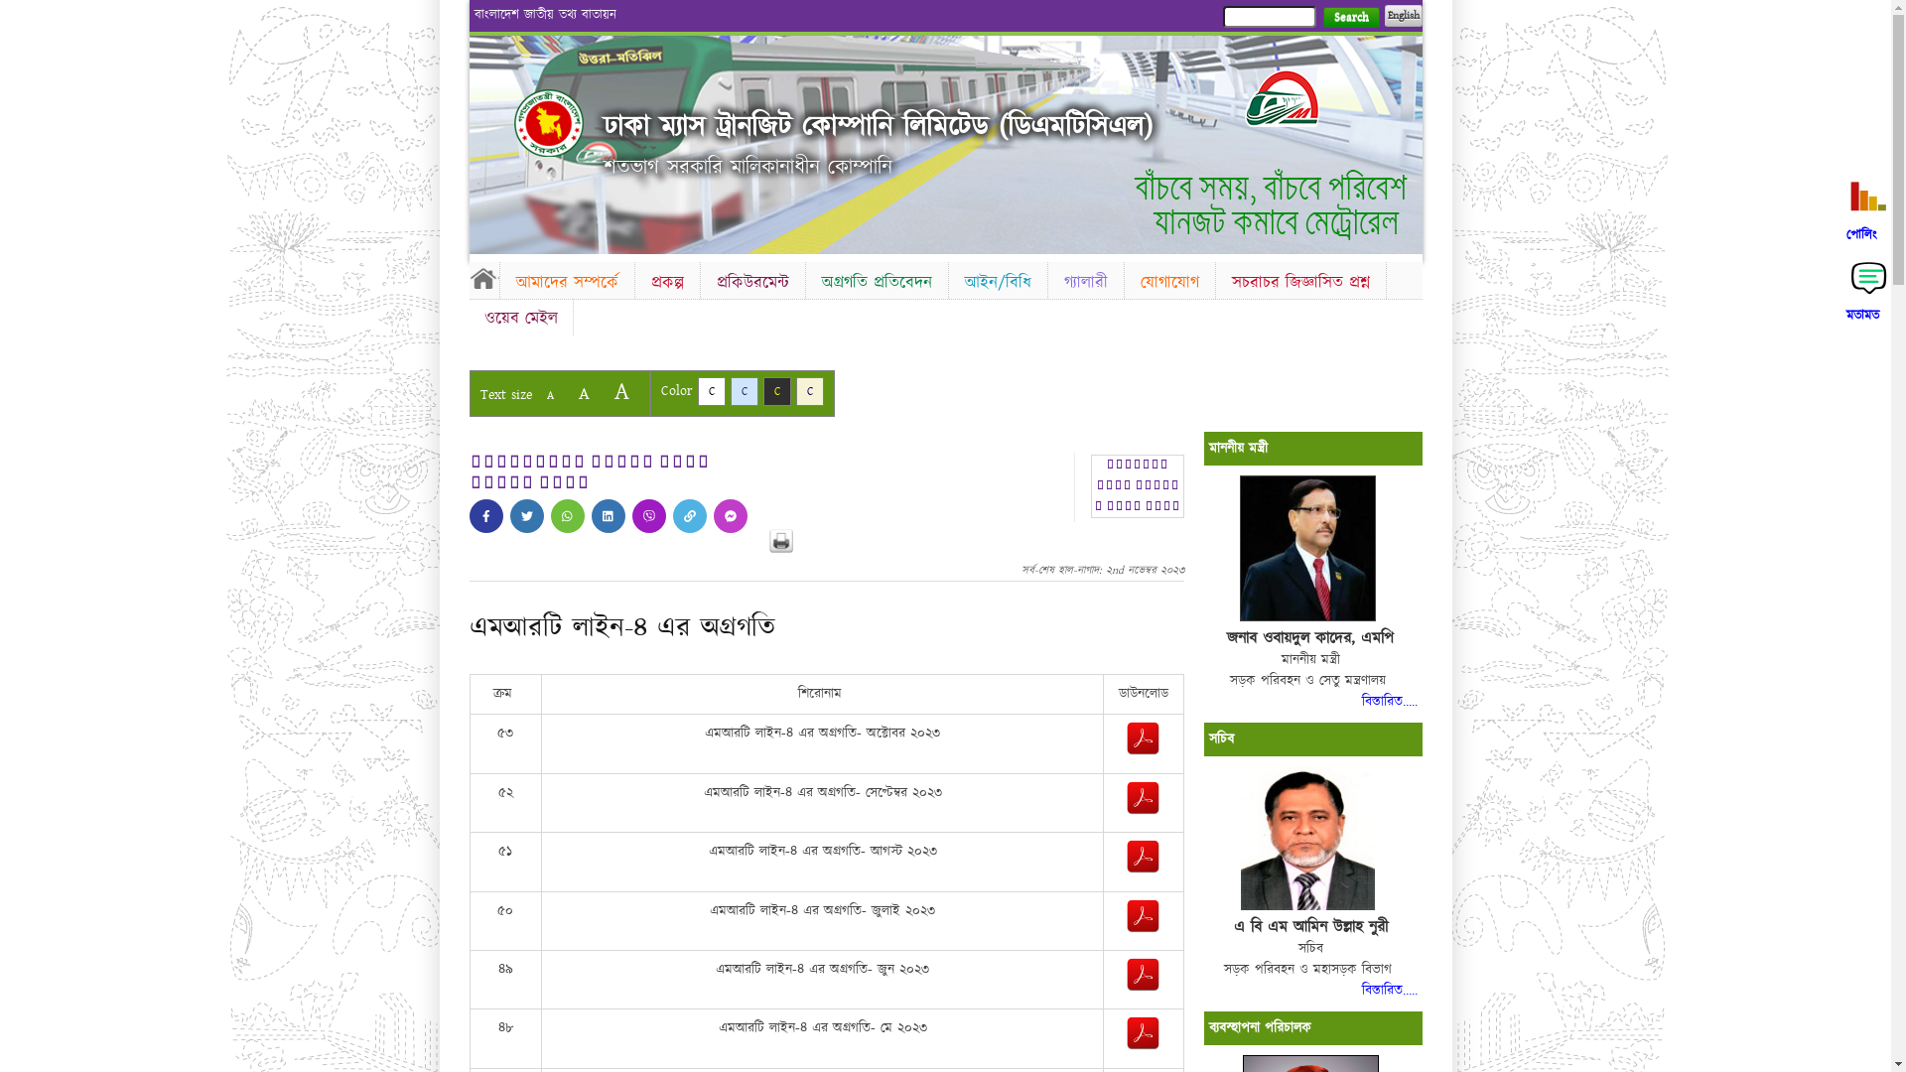 This screenshot has width=1906, height=1072. I want to click on 'A', so click(603, 391).